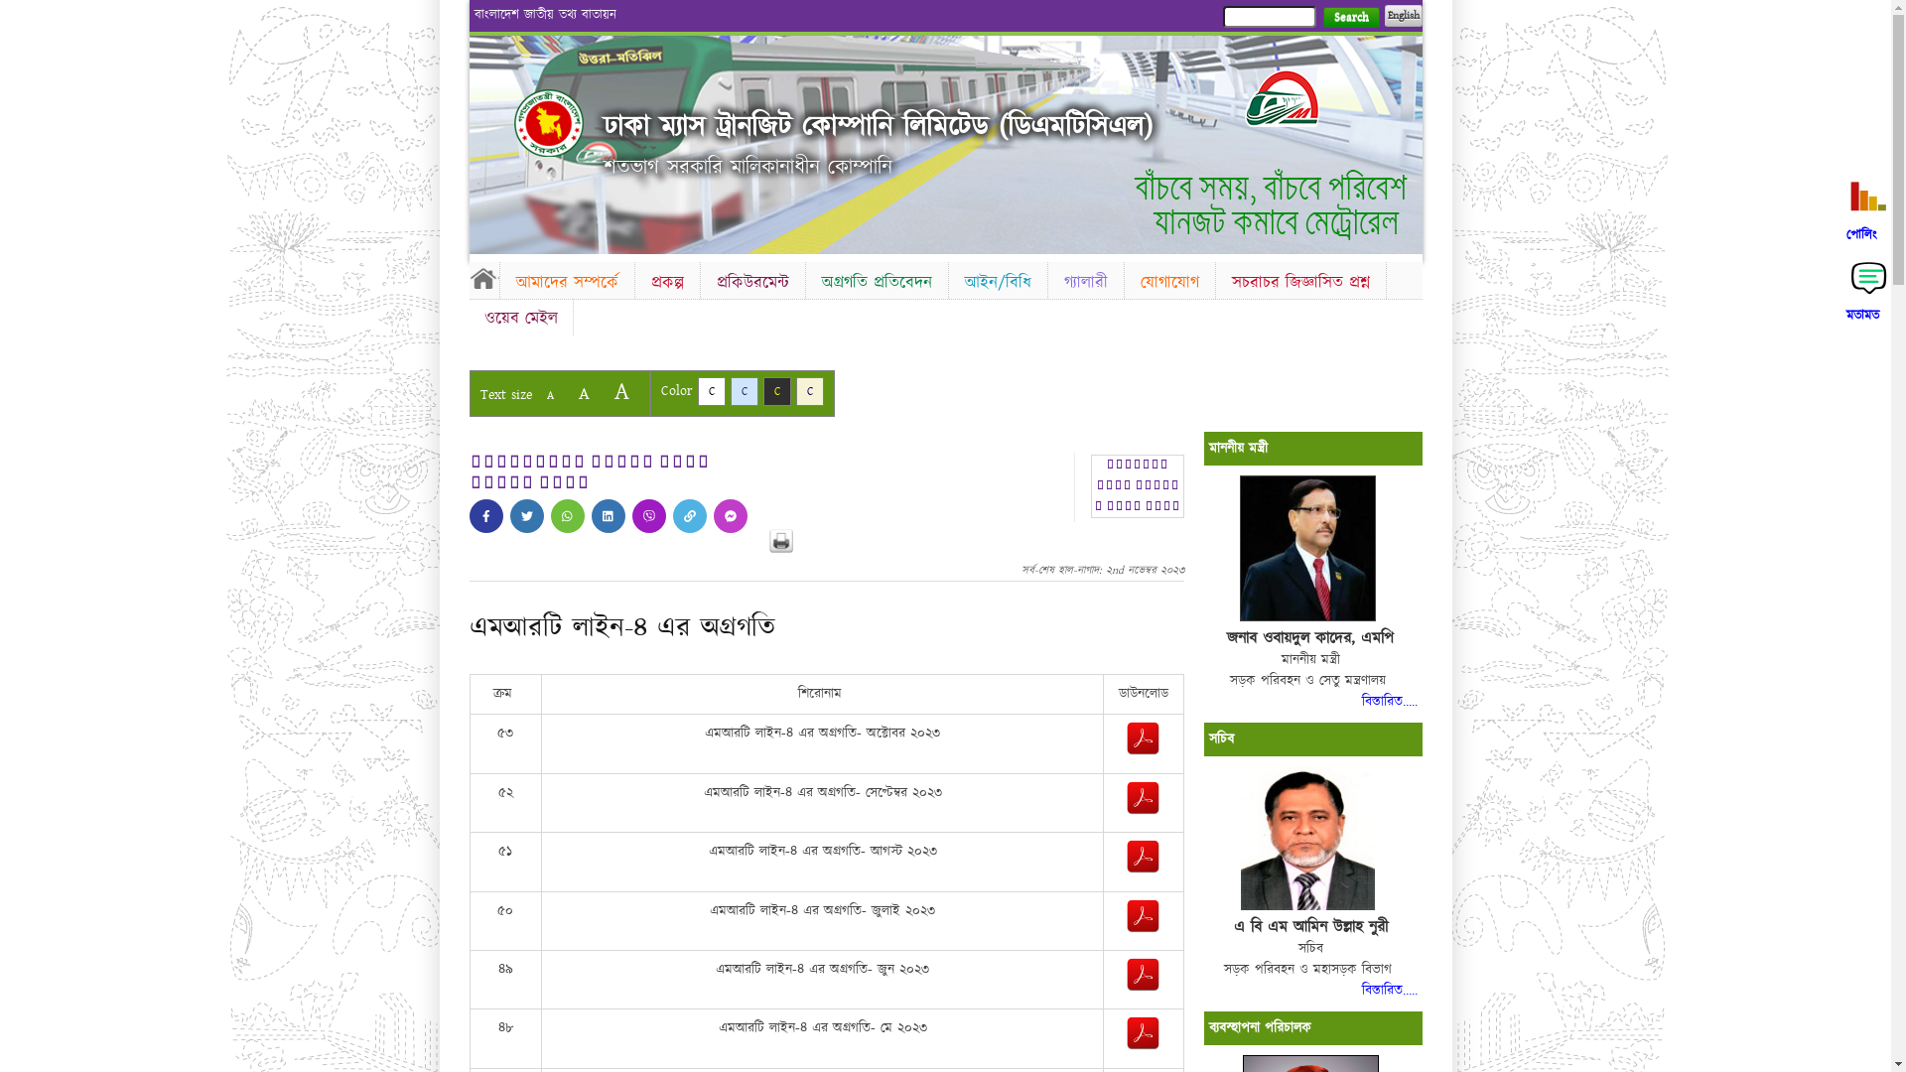 This screenshot has width=1906, height=1072. I want to click on 'A', so click(603, 391).